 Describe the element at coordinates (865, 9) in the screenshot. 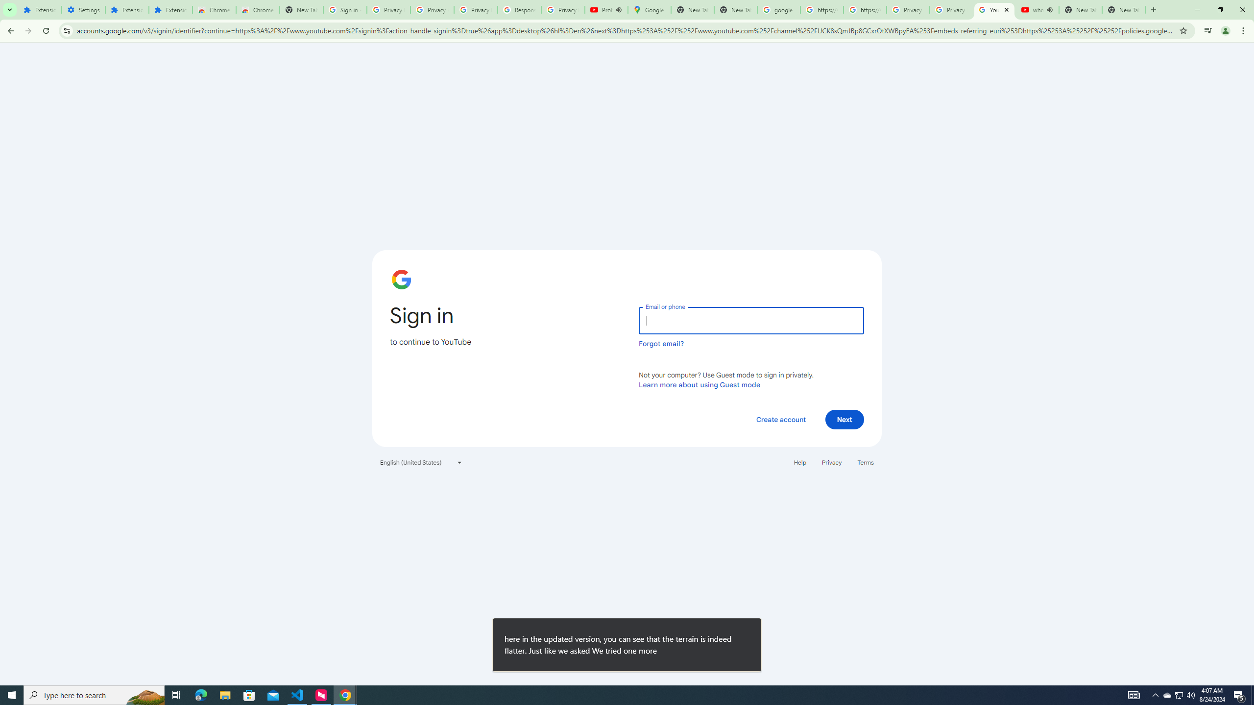

I see `'https://scholar.google.com/'` at that location.